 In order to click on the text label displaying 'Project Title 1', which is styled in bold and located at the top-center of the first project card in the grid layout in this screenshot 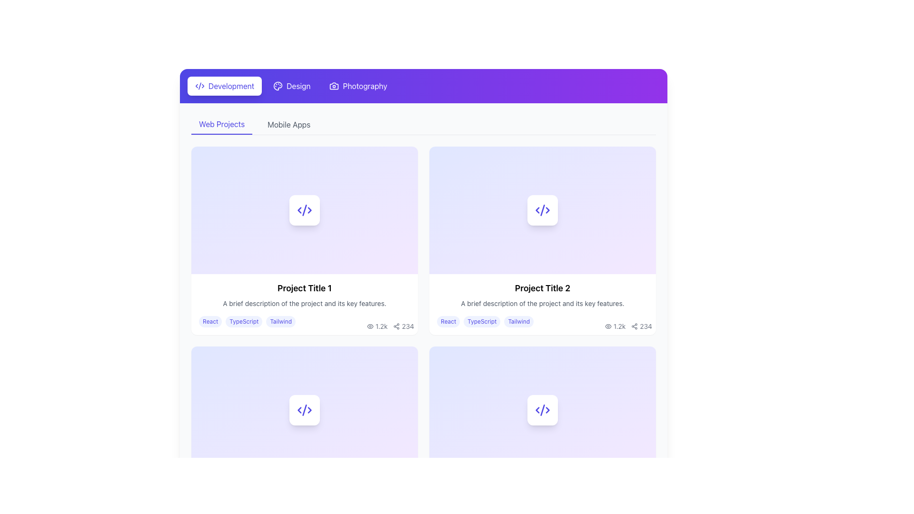, I will do `click(304, 287)`.